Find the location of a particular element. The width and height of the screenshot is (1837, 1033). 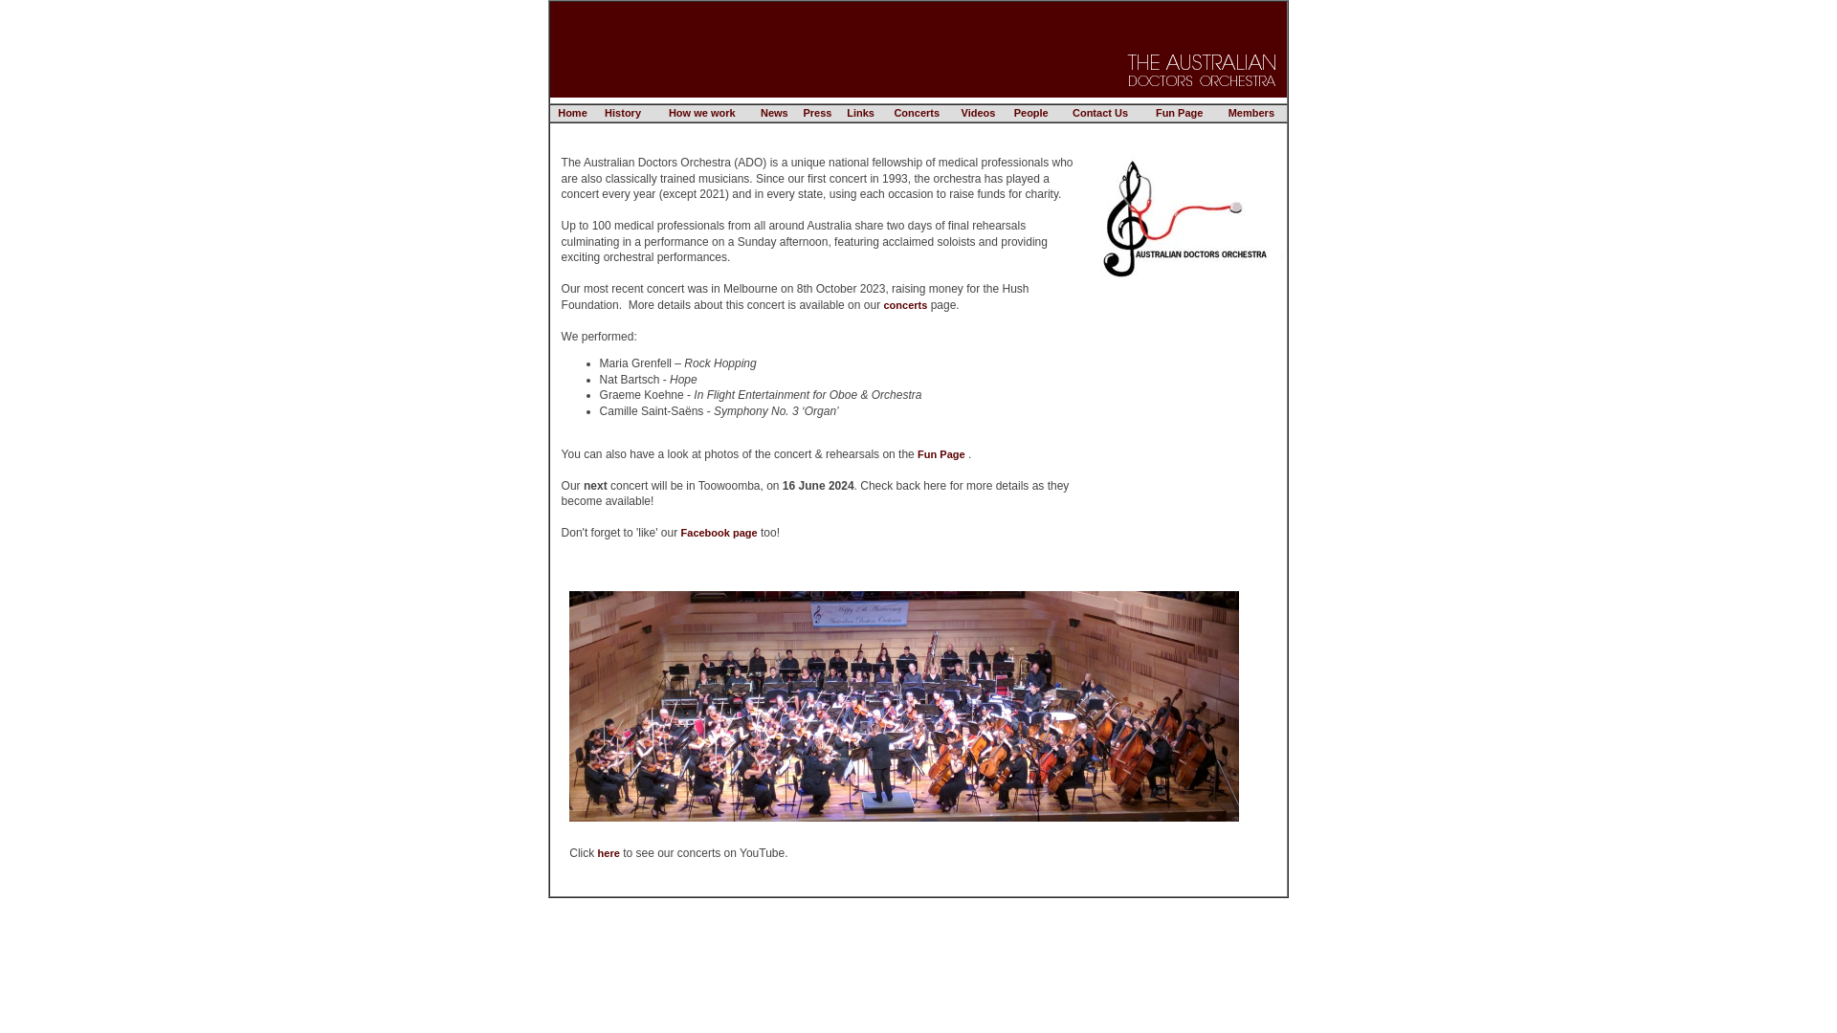

'Videos' is located at coordinates (978, 113).